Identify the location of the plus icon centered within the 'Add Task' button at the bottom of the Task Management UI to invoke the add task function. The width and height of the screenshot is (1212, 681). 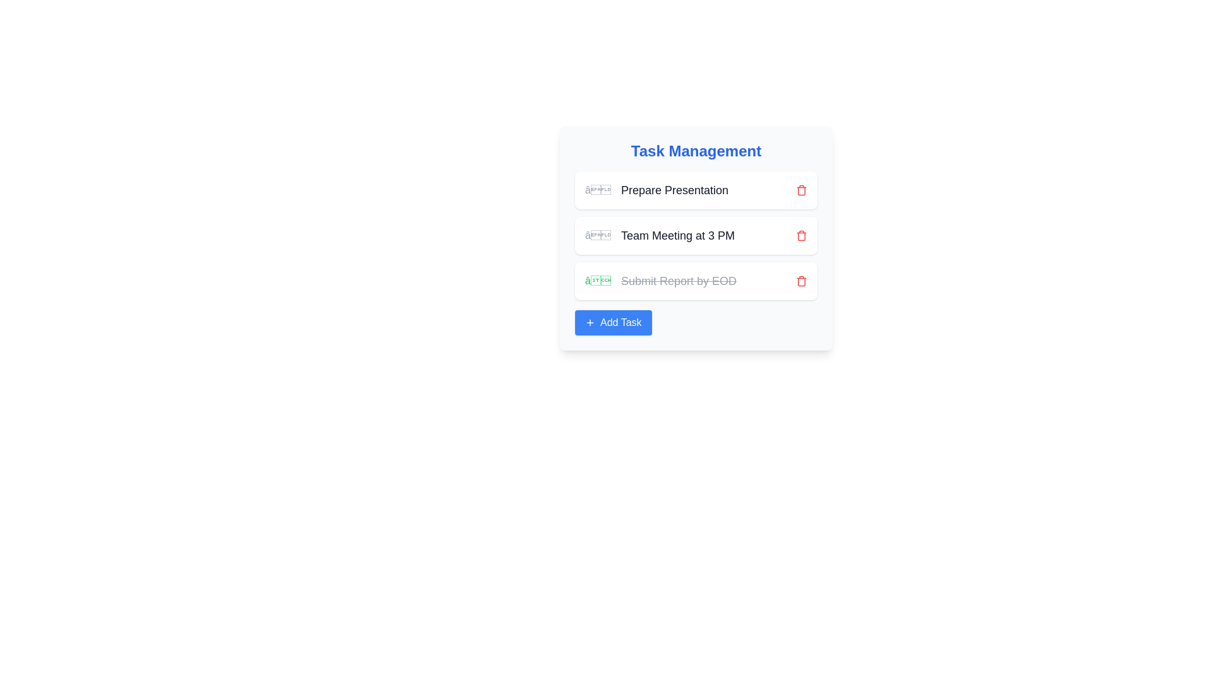
(590, 322).